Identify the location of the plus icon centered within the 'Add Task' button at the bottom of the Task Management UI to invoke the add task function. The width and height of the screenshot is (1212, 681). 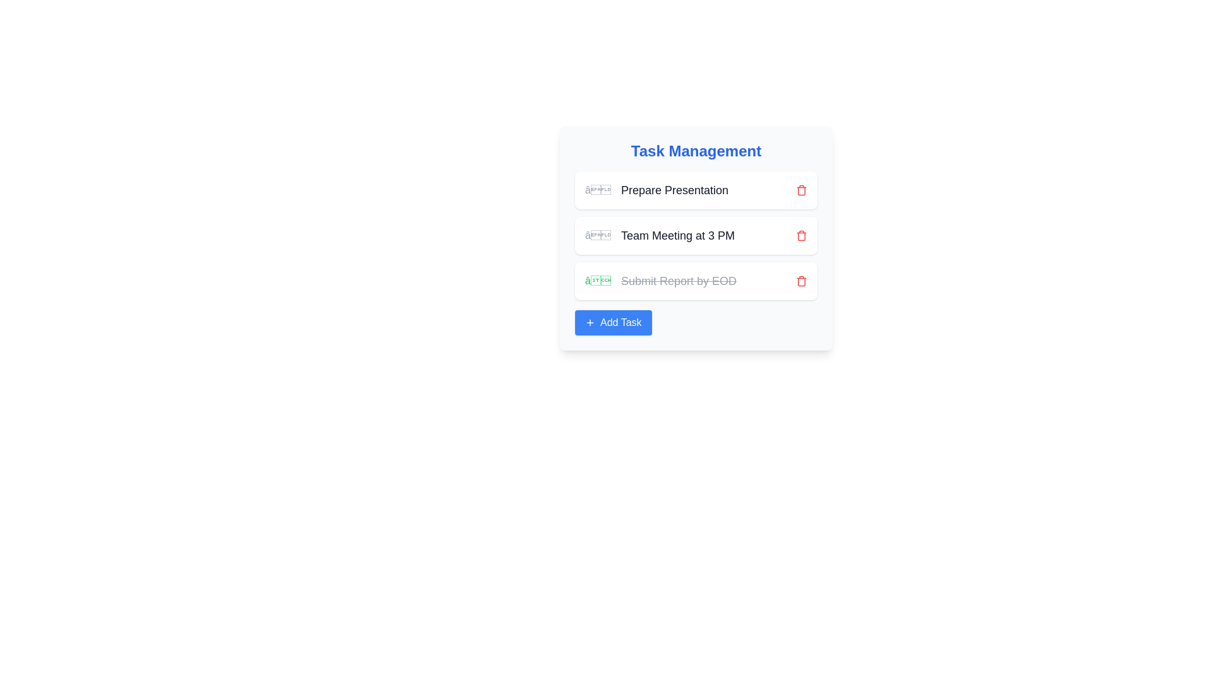
(590, 322).